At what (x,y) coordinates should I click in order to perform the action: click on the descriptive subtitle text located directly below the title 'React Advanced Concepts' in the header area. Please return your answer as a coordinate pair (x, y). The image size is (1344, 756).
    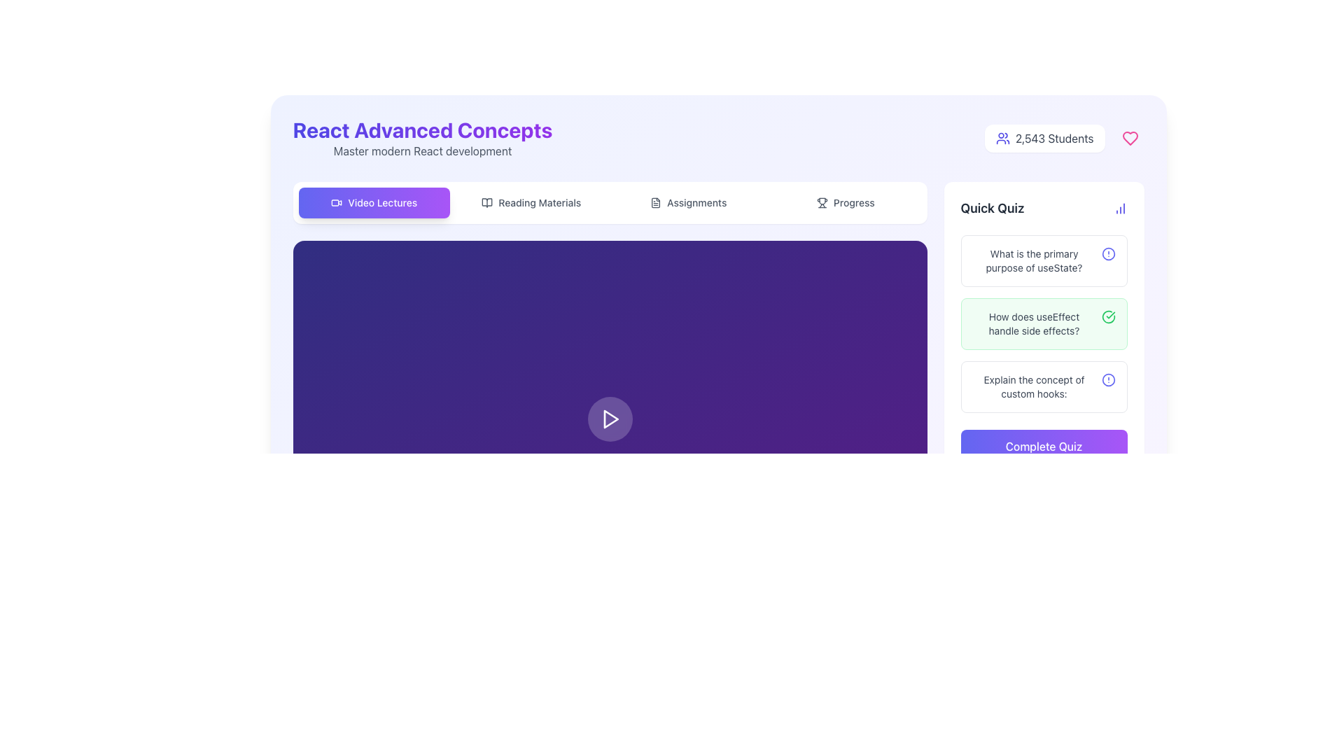
    Looking at the image, I should click on (422, 151).